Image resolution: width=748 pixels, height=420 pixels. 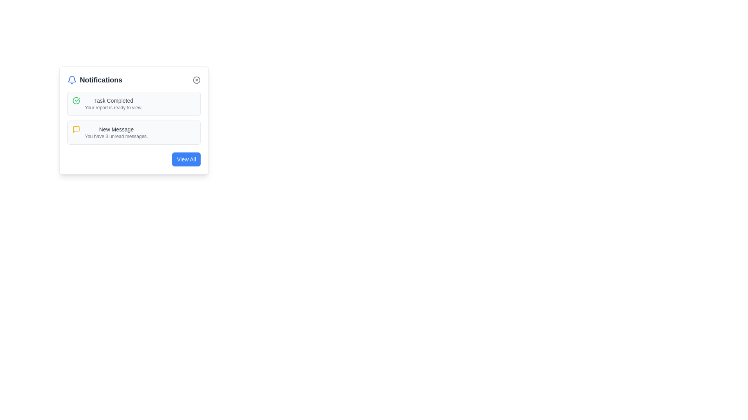 What do you see at coordinates (196, 80) in the screenshot?
I see `the circular button with a cross (X) inside it located at the top right corner of the 'Notifications' section` at bounding box center [196, 80].